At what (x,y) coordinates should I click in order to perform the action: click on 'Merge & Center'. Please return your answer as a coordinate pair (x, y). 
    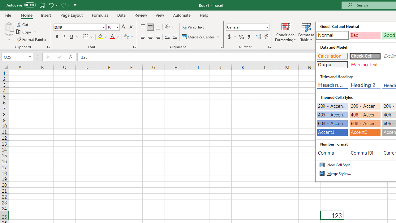
    Looking at the image, I should click on (198, 37).